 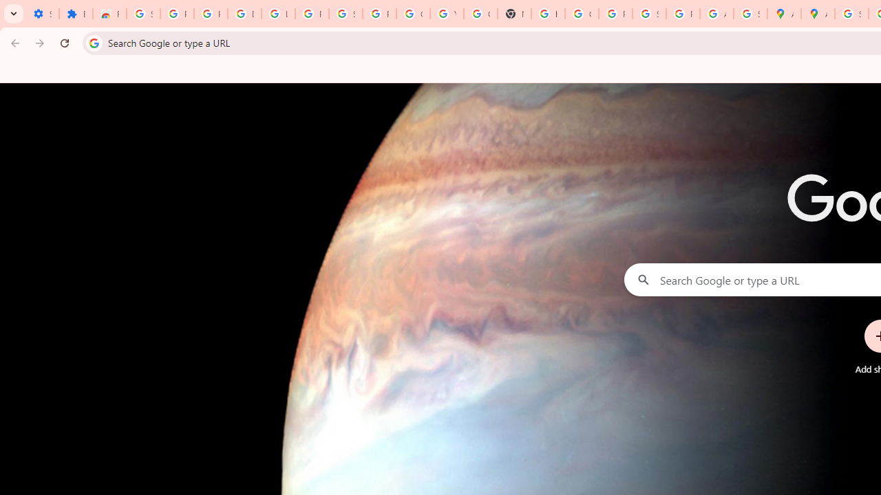 I want to click on 'Google Account', so click(x=412, y=14).